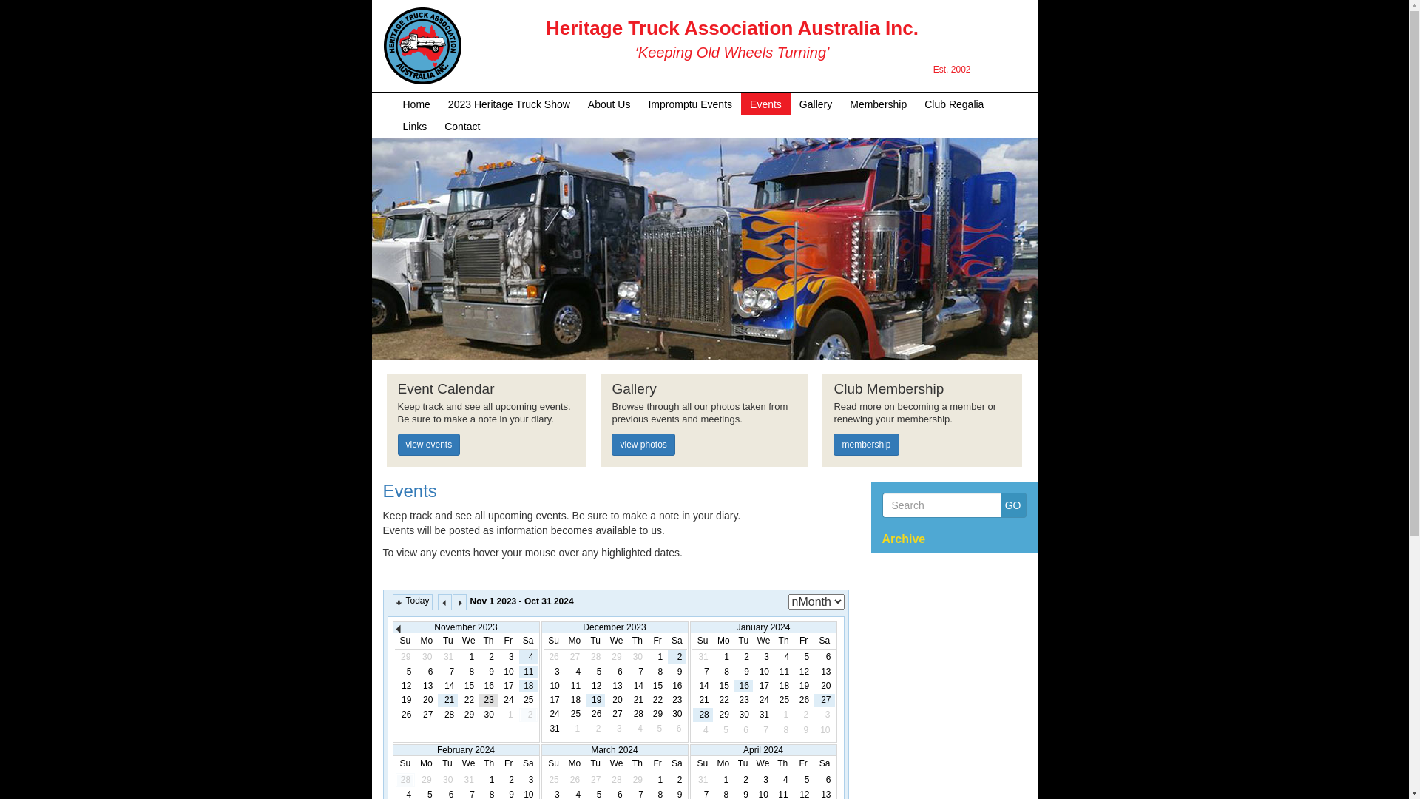  I want to click on 'membership', so click(866, 444).